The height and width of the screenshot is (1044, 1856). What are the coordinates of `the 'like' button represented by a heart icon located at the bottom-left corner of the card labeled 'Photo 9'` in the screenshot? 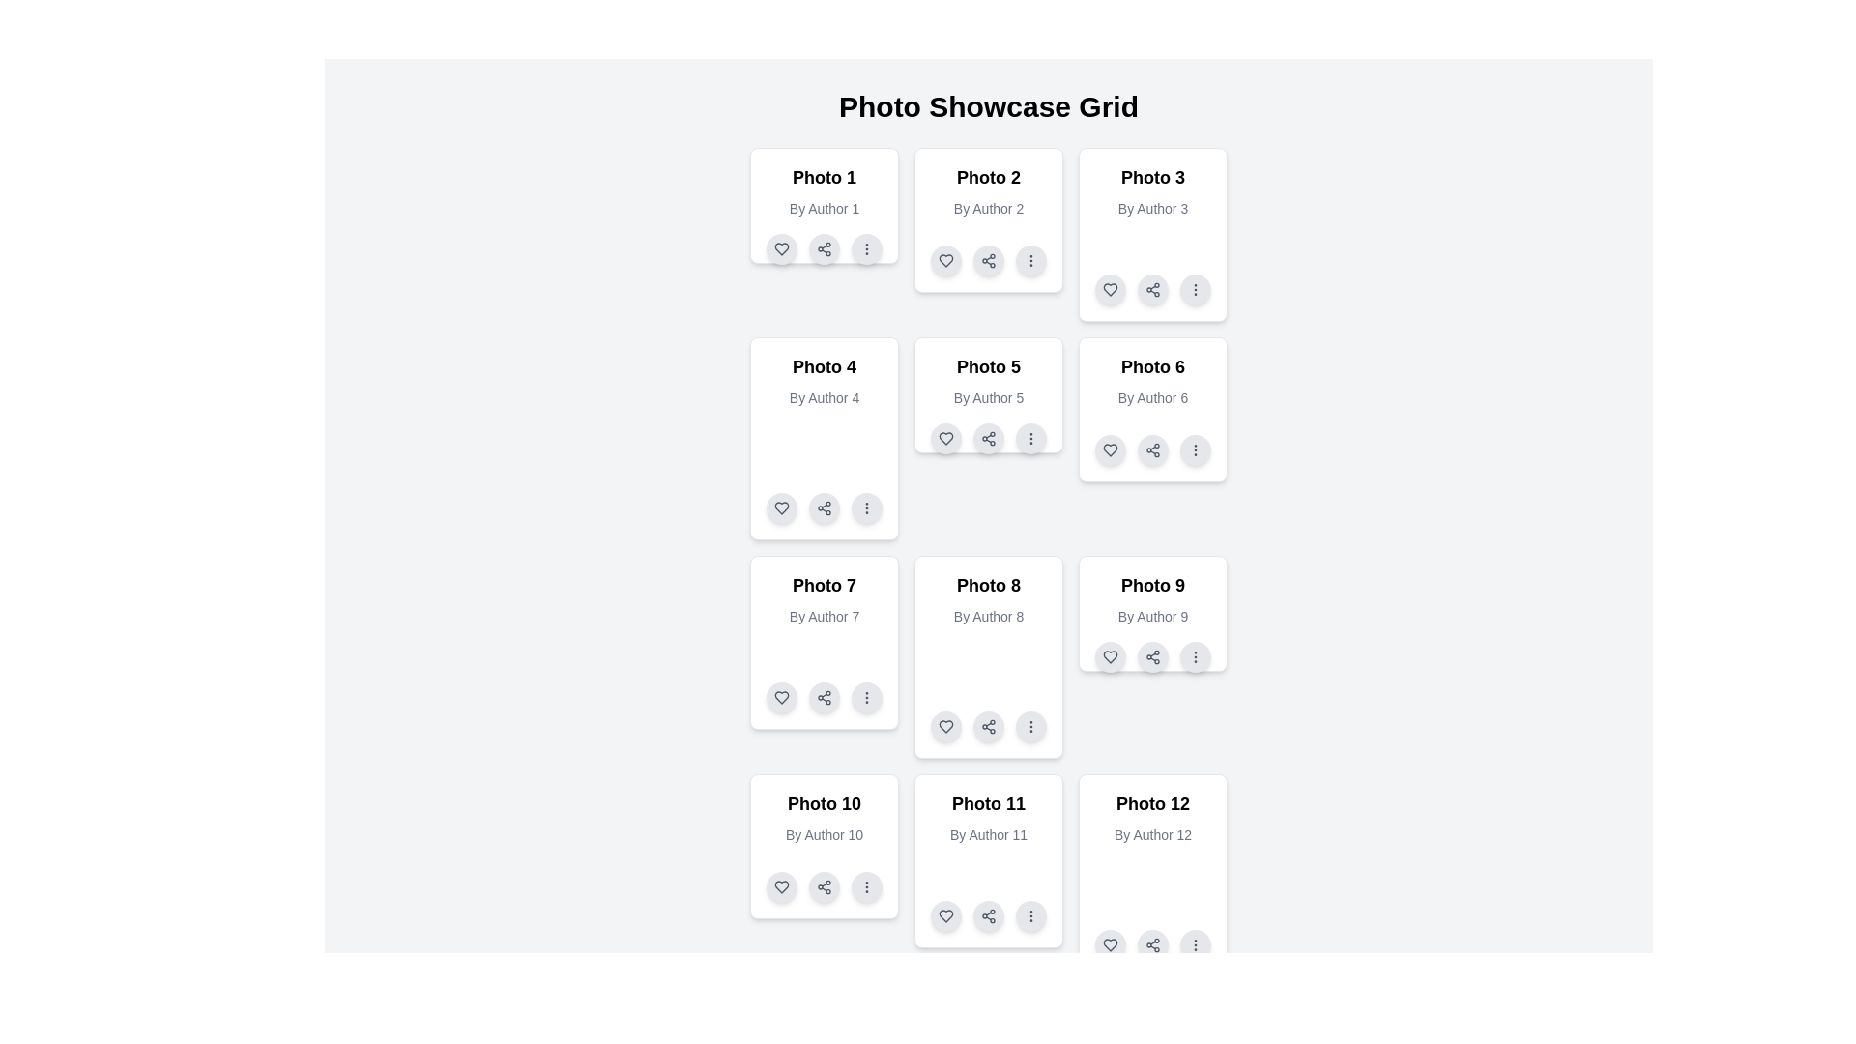 It's located at (1110, 655).